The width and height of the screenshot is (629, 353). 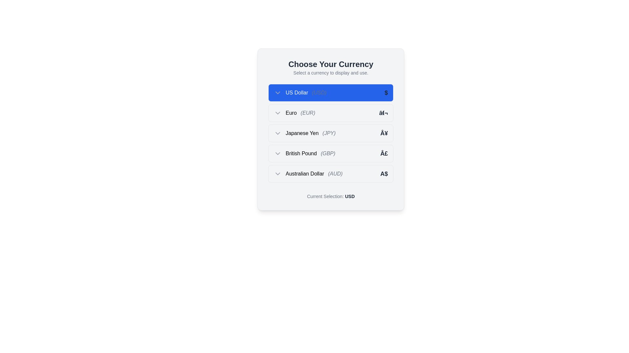 What do you see at coordinates (278, 133) in the screenshot?
I see `the Dropdown Chevron Icon located to the left of 'Japanese Yen (JPY)'` at bounding box center [278, 133].